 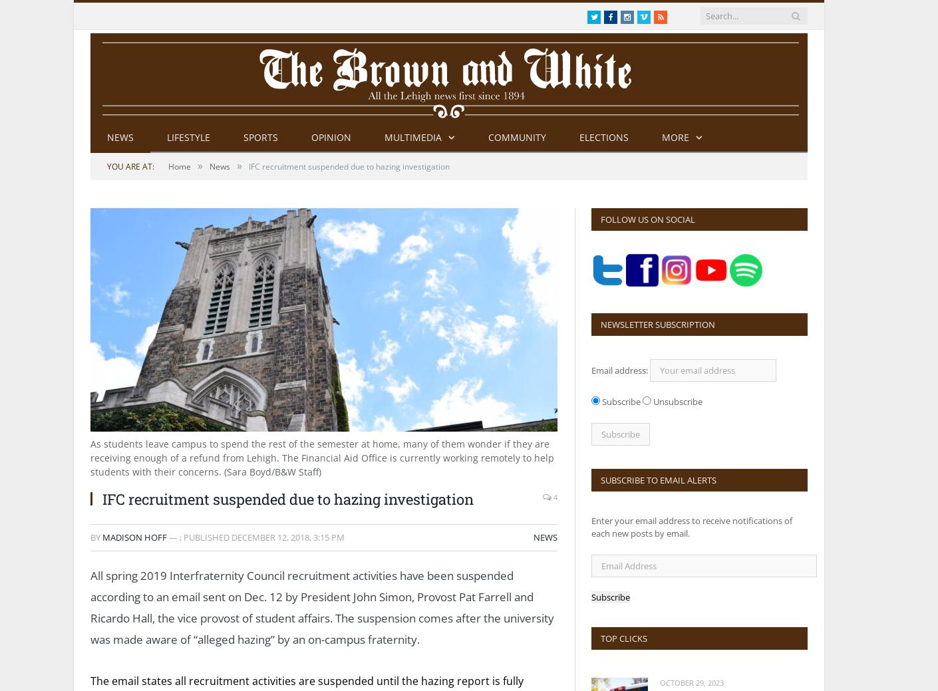 I want to click on '4', so click(x=554, y=495).